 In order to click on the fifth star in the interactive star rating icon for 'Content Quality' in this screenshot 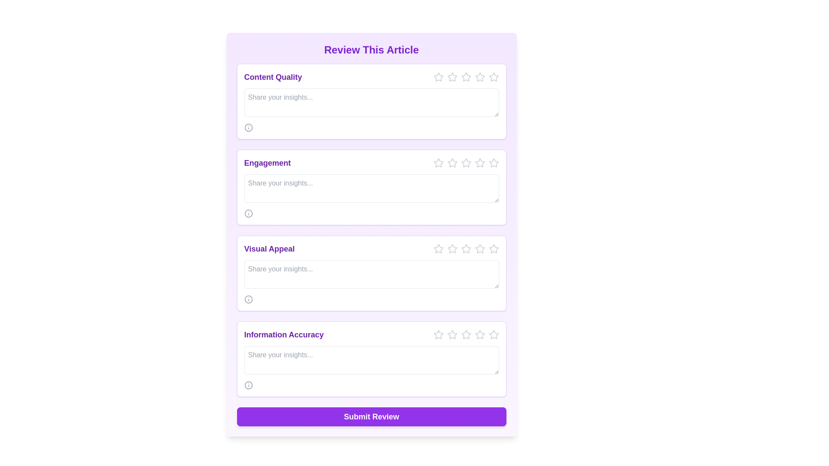, I will do `click(479, 76)`.